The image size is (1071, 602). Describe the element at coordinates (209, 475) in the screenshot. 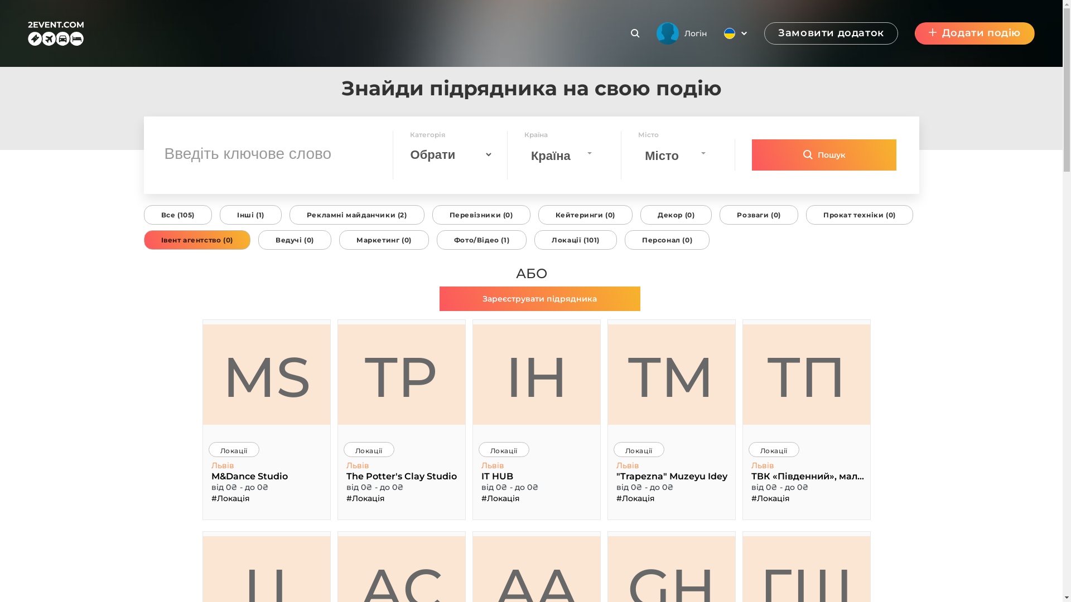

I see `'M&Dance Studio'` at that location.